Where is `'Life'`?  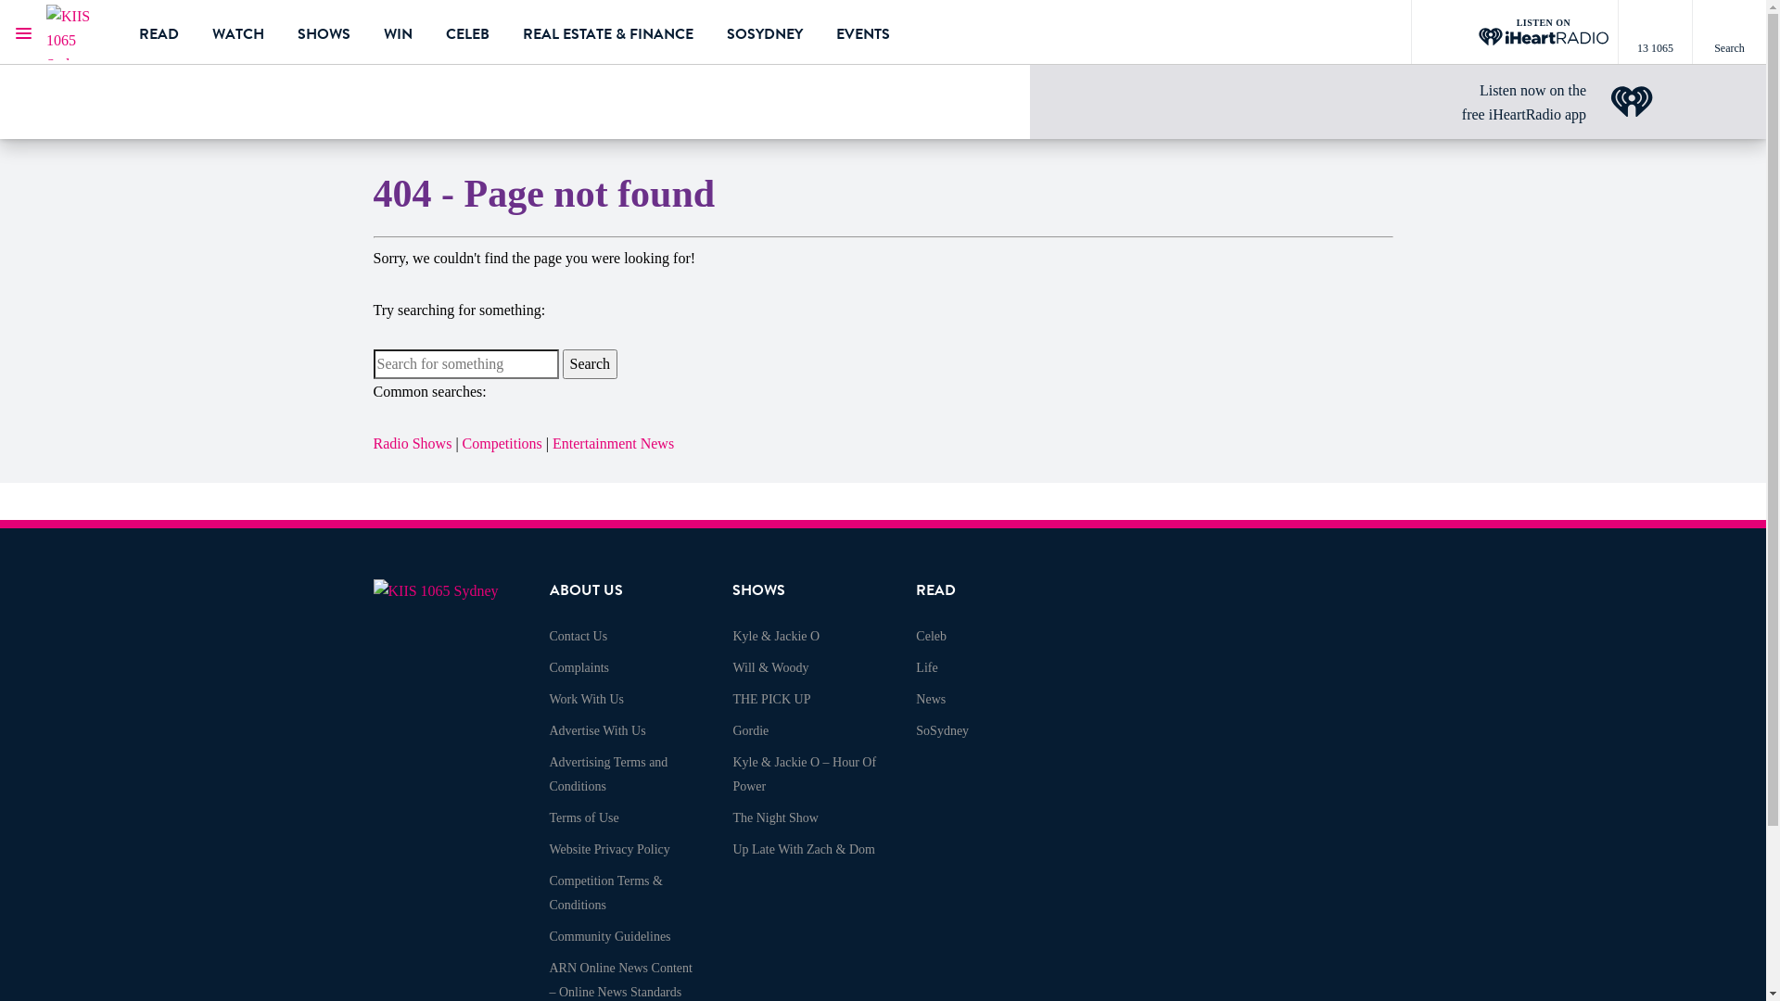 'Life' is located at coordinates (926, 667).